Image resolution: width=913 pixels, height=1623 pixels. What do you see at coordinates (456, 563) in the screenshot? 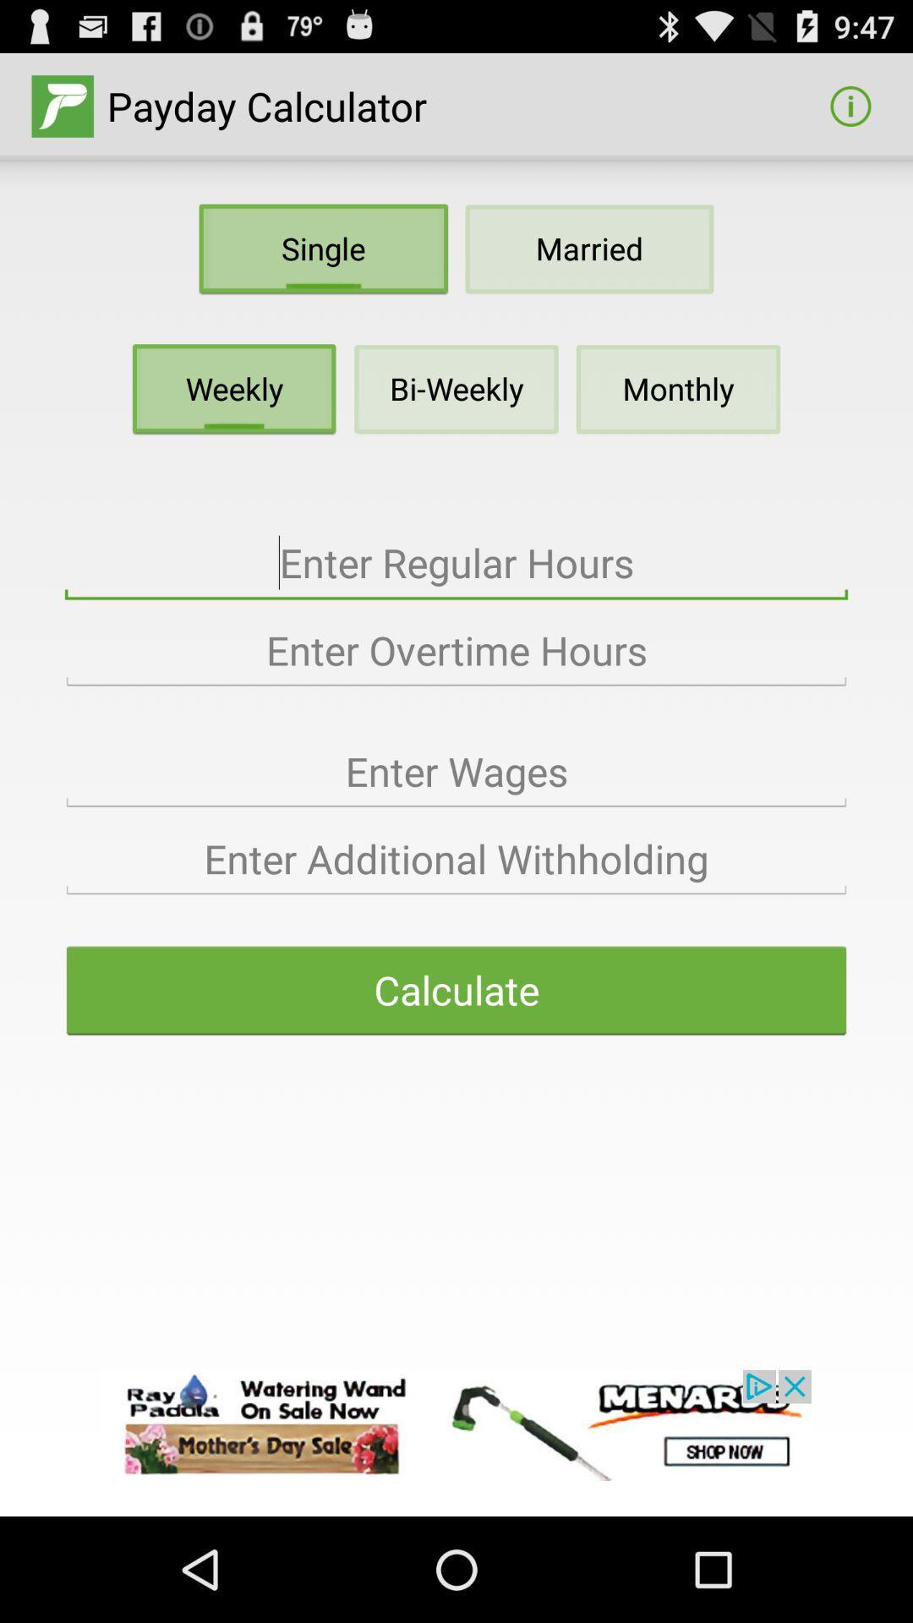
I see `regular hours` at bounding box center [456, 563].